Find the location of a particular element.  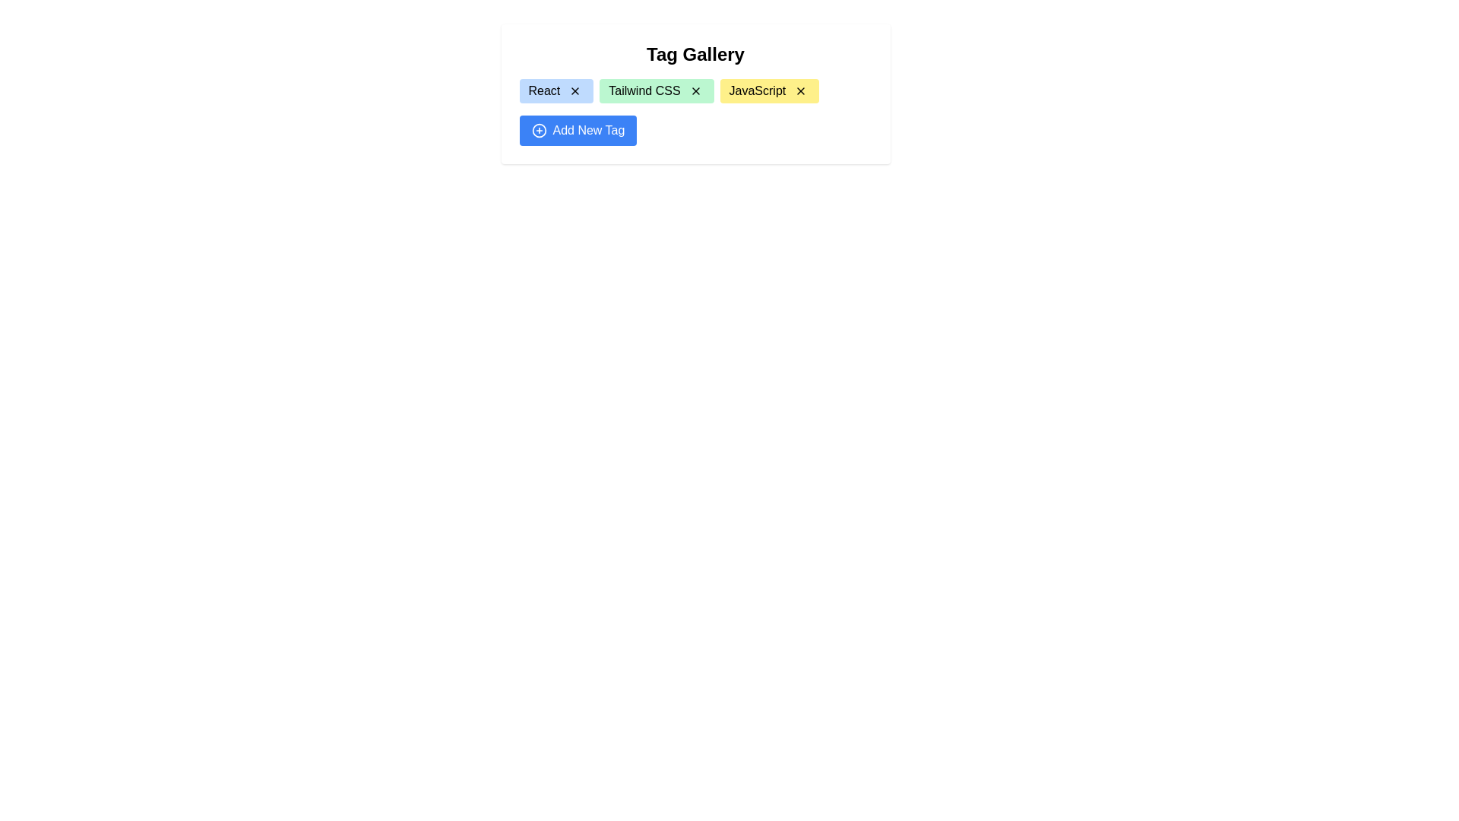

the dismiss icon located on the right side of the 'JavaScript' tag in the 'Tag Gallery' interface is located at coordinates (800, 90).